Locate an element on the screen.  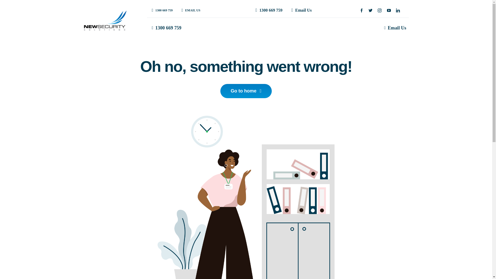
'Email Us' is located at coordinates (300, 10).